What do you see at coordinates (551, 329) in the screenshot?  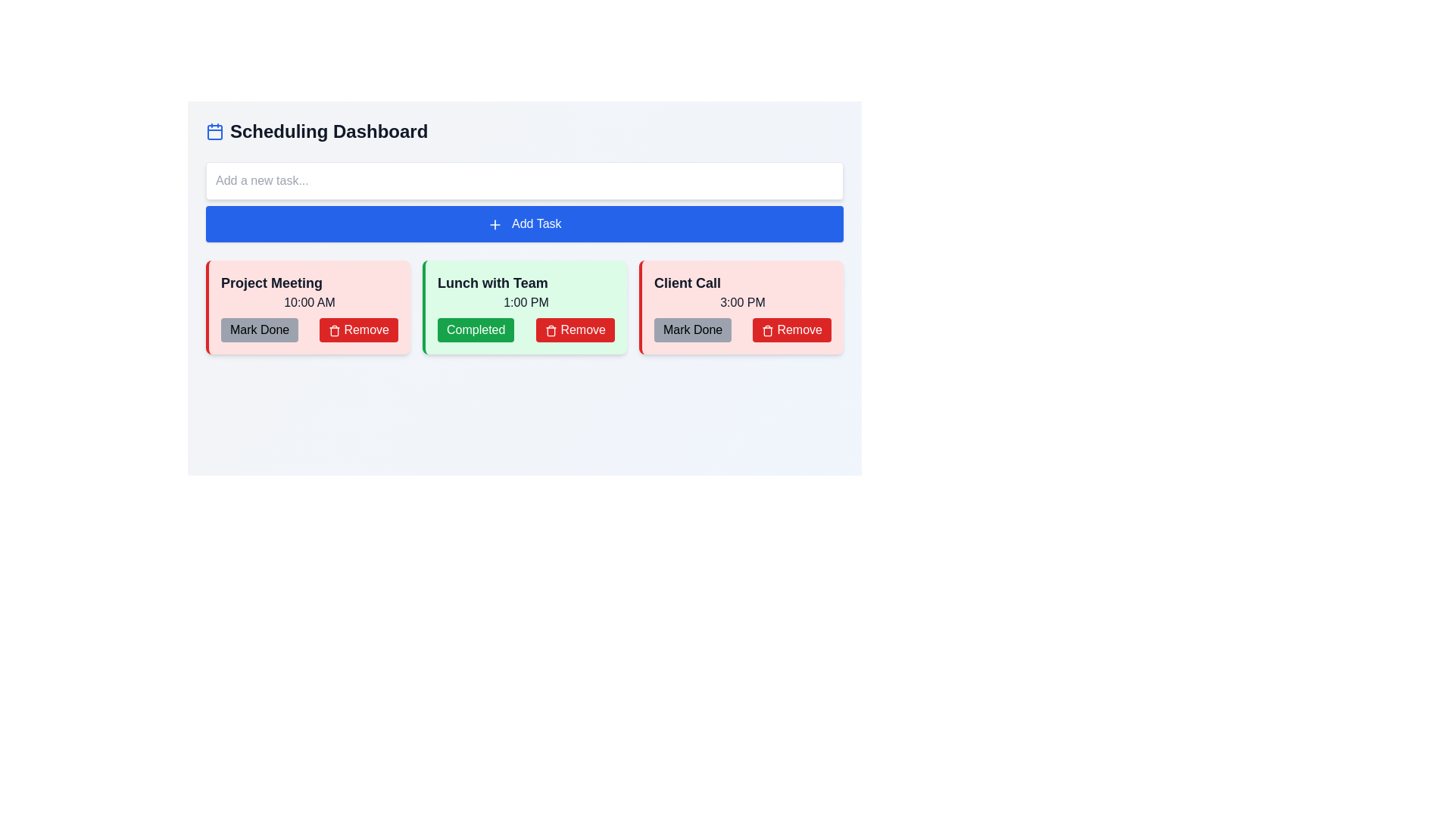 I see `the trash icon within the 'Remove' button for the 'Lunch with Team' card` at bounding box center [551, 329].